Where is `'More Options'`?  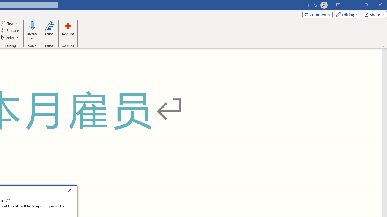 'More Options' is located at coordinates (32, 36).